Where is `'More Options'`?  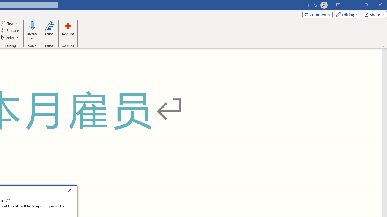 'More Options' is located at coordinates (32, 36).